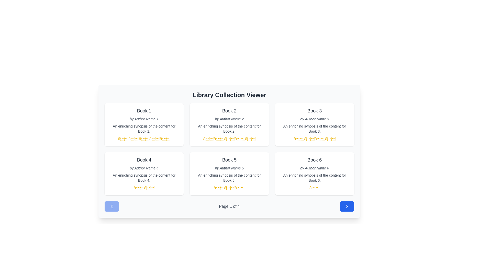 This screenshot has width=491, height=276. Describe the element at coordinates (229, 168) in the screenshot. I see `the static text label displaying 'by Author Name 5' which is styled in small italicized gray font, located below the book title 'Book 5' and above the description` at that location.